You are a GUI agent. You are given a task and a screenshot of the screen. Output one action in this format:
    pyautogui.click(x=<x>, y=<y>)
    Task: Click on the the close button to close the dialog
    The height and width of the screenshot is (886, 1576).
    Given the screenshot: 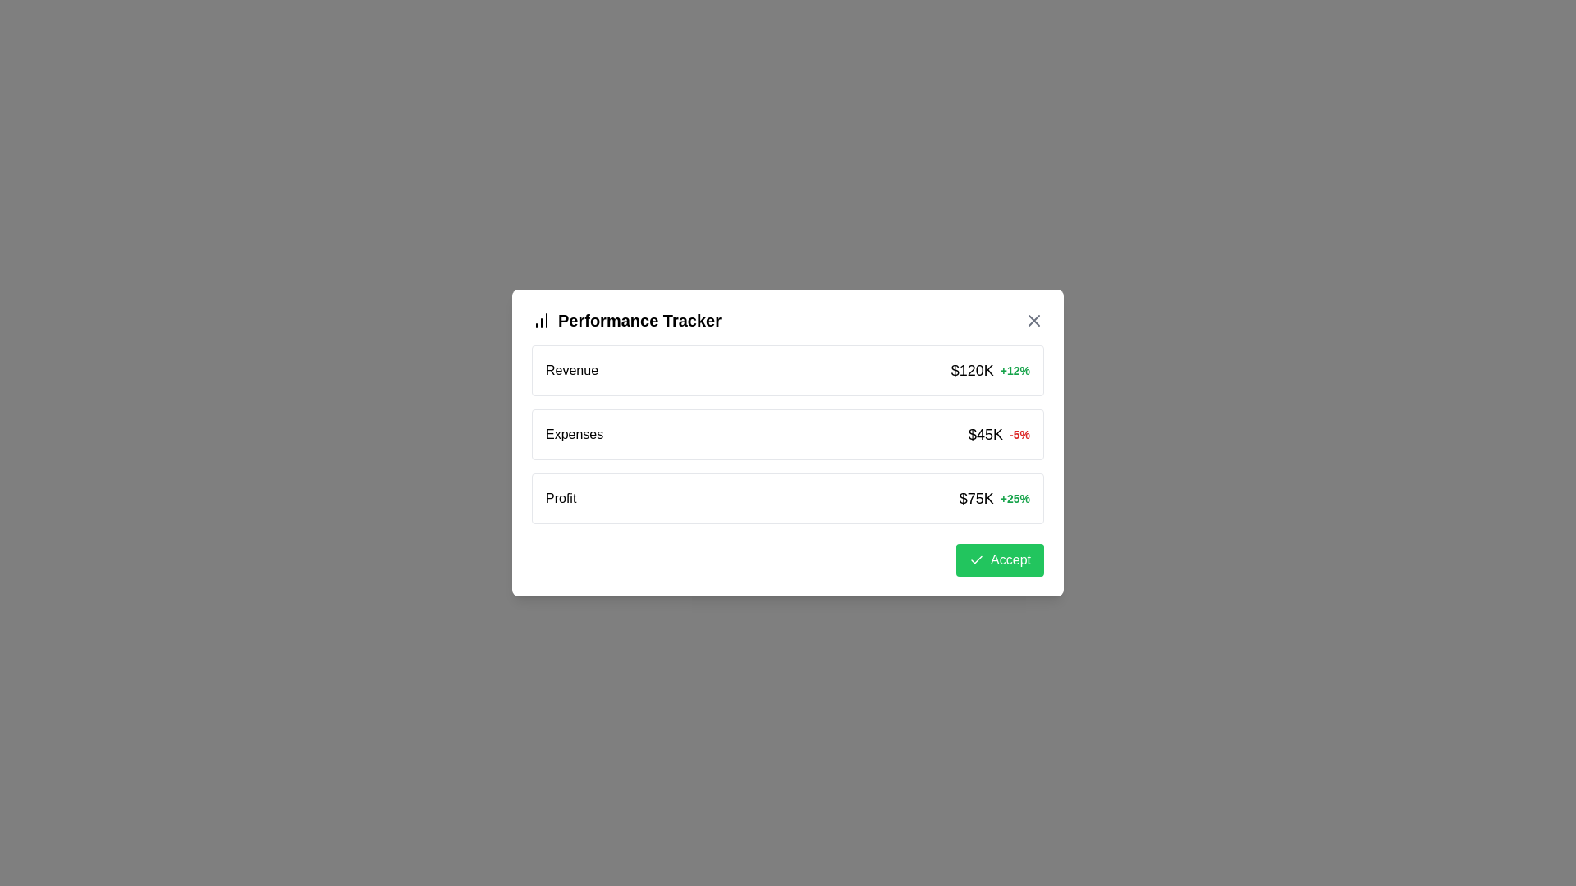 What is the action you would take?
    pyautogui.click(x=1033, y=320)
    